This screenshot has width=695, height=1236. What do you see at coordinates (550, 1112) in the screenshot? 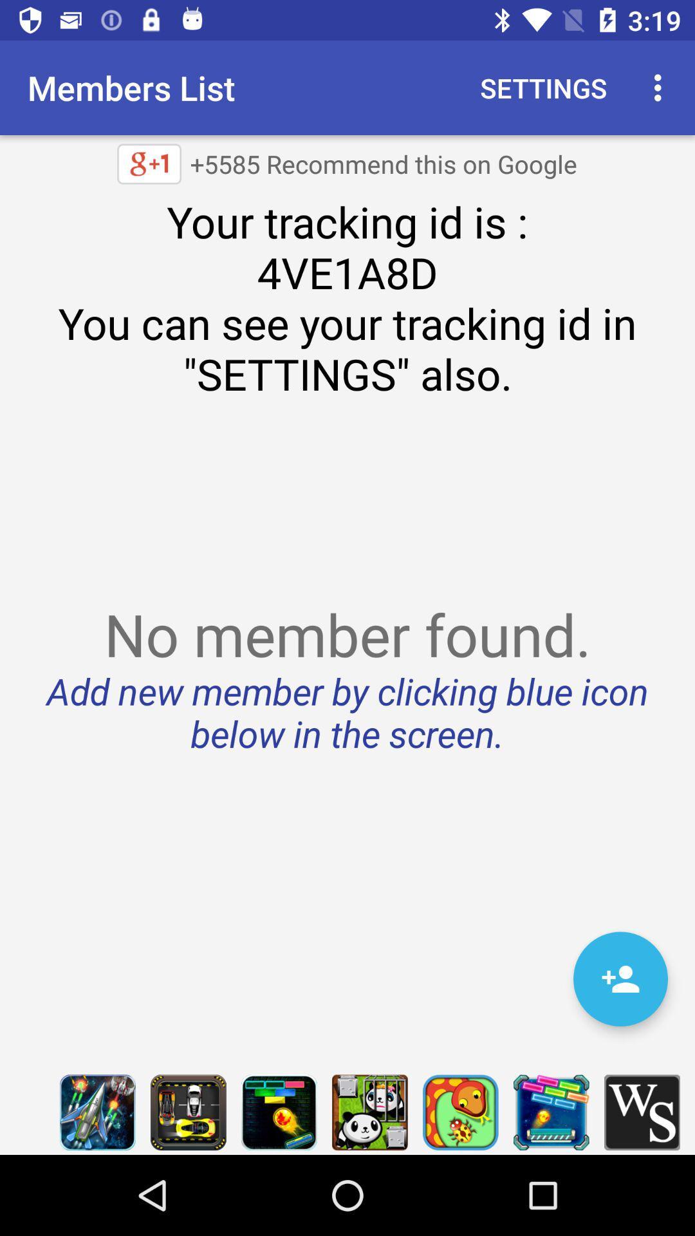
I see `change to new game` at bounding box center [550, 1112].